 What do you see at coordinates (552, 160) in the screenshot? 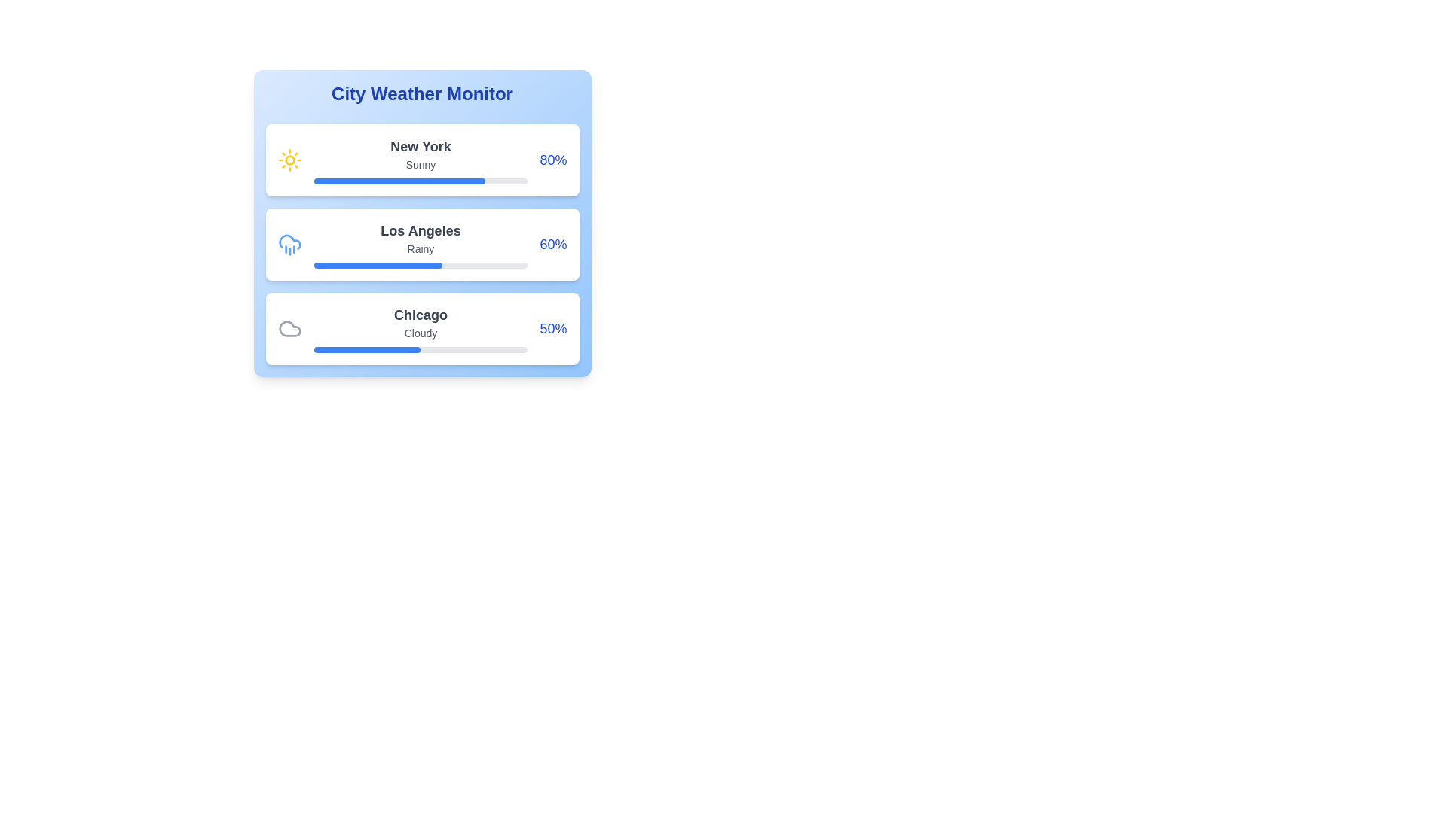
I see `text from the humidity or completion level label located in the top-right corner of the New York weather information card, above the progress bar` at bounding box center [552, 160].